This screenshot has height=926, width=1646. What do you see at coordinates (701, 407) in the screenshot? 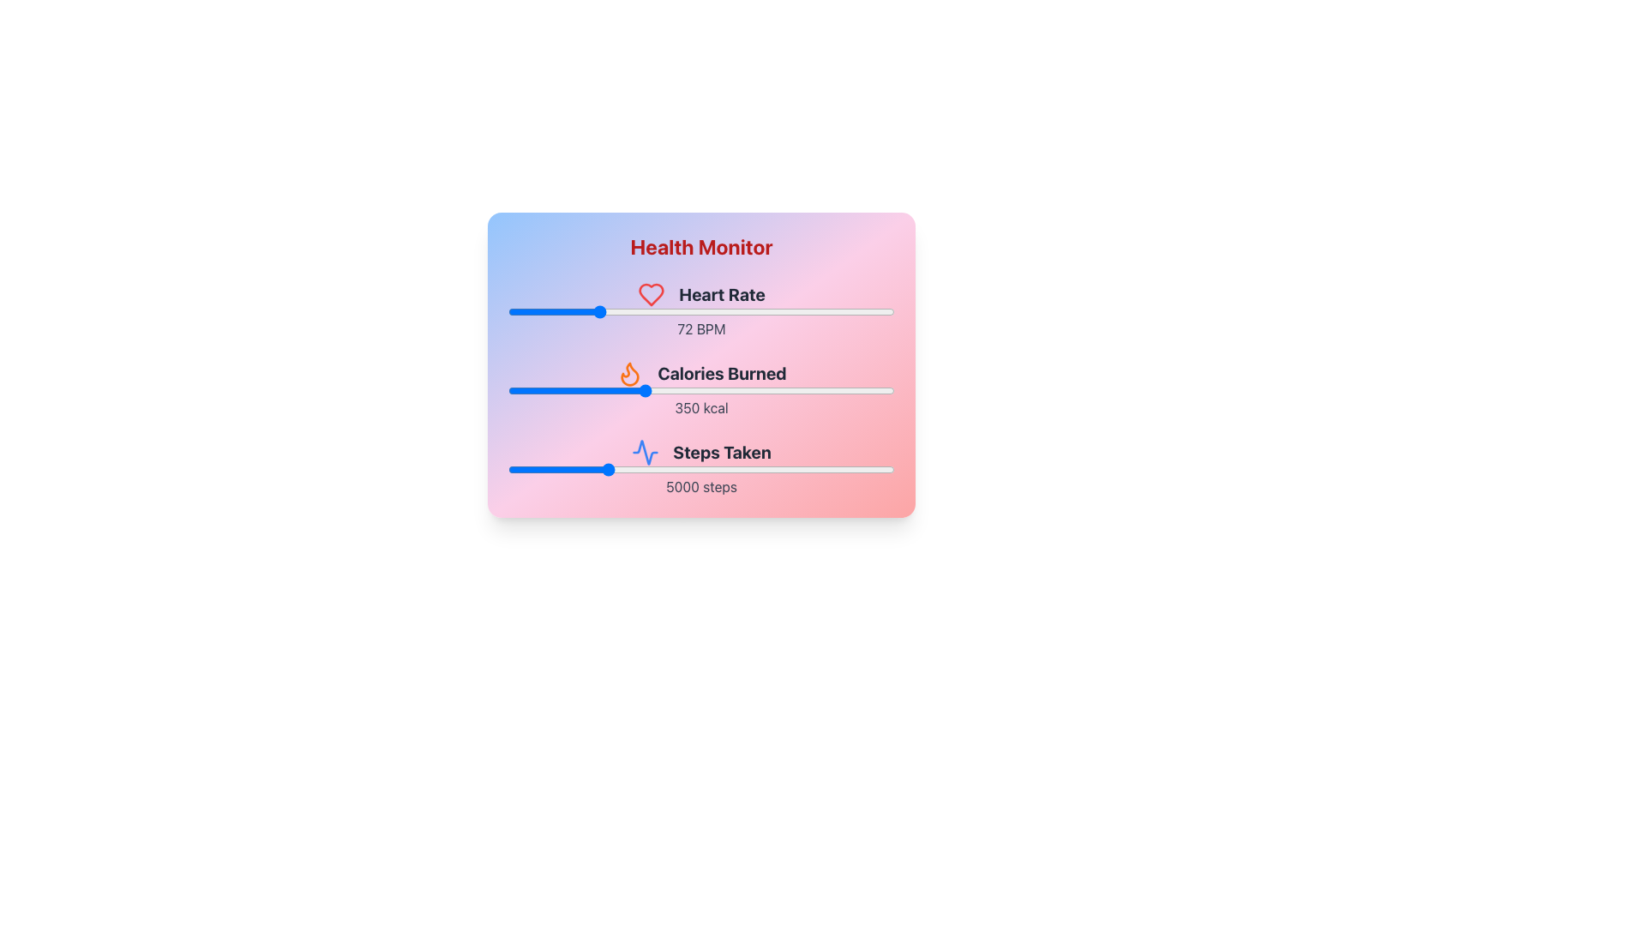
I see `the text label displaying '350 kcal' in gray font, located below the calorie icon and progress bar in the 'Calories Burned' section of the health monitor interface` at bounding box center [701, 407].